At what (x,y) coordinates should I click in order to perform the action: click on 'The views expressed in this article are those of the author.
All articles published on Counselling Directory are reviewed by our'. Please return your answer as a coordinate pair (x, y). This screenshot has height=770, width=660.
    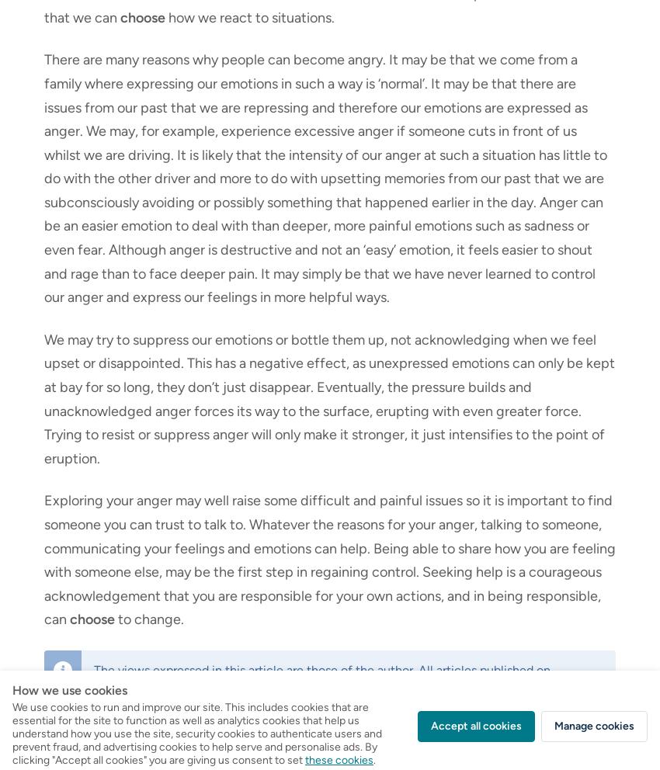
    Looking at the image, I should click on (321, 677).